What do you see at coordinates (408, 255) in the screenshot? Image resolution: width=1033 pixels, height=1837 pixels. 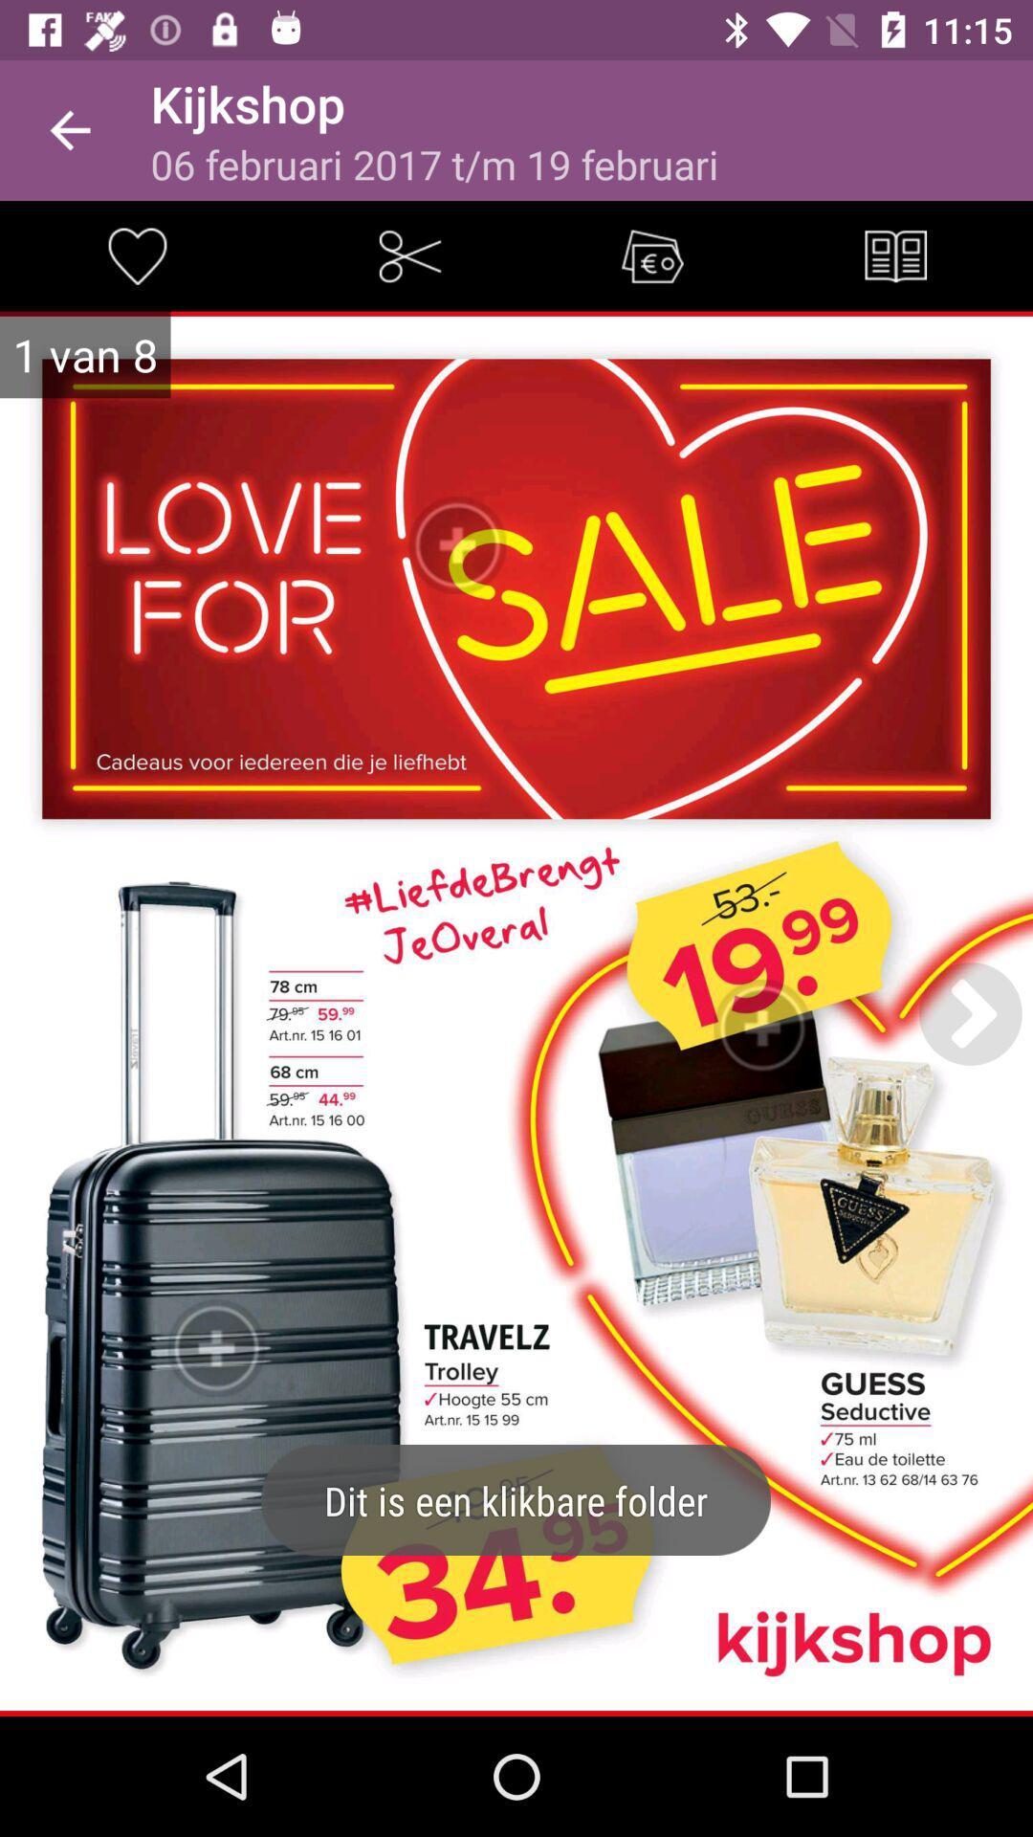 I see `crop image` at bounding box center [408, 255].